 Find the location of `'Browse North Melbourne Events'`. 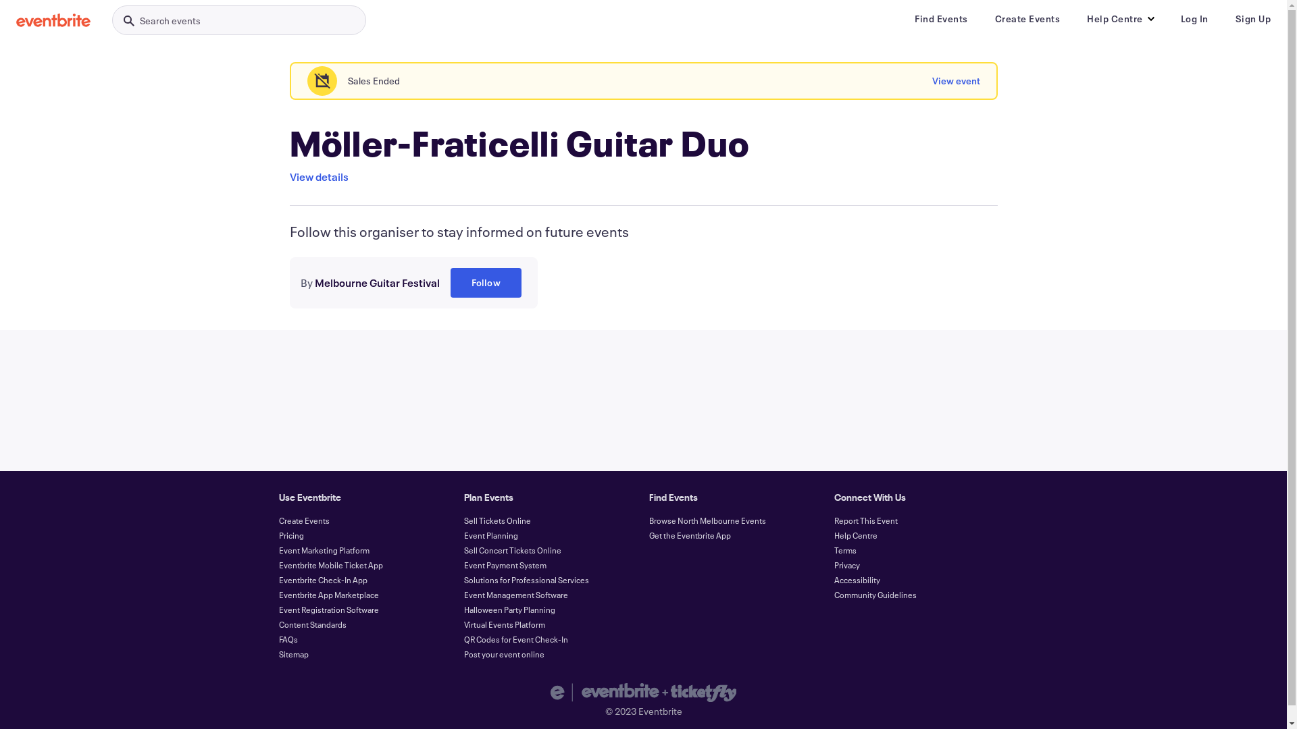

'Browse North Melbourne Events' is located at coordinates (706, 520).